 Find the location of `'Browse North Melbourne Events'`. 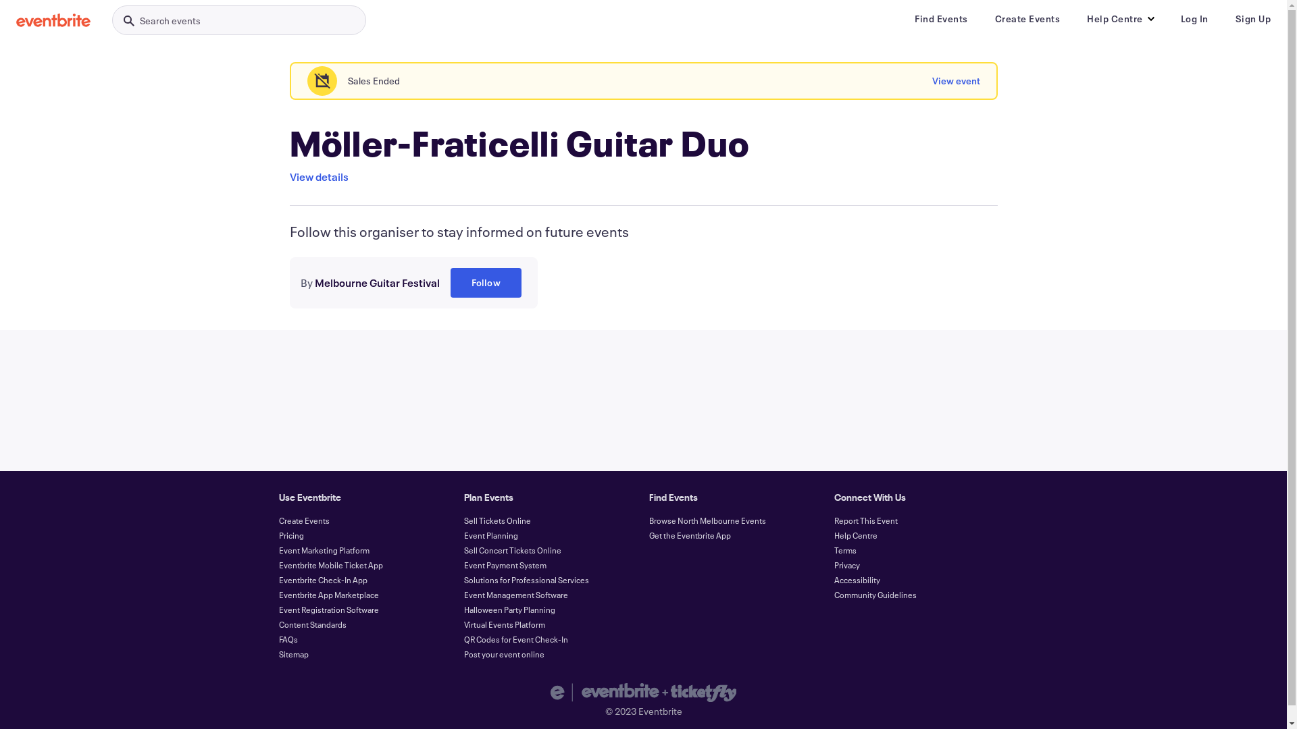

'Browse North Melbourne Events' is located at coordinates (706, 520).